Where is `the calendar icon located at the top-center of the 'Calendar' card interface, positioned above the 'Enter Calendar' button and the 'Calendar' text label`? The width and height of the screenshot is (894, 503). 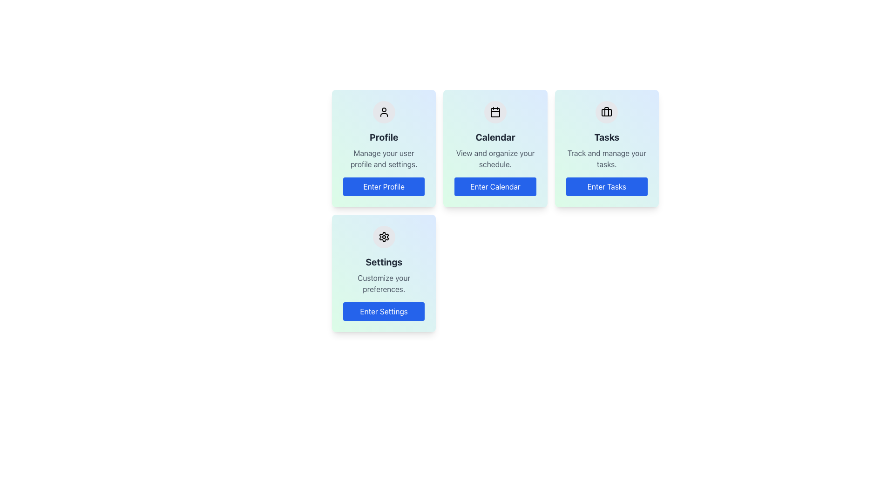
the calendar icon located at the top-center of the 'Calendar' card interface, positioned above the 'Enter Calendar' button and the 'Calendar' text label is located at coordinates (495, 111).